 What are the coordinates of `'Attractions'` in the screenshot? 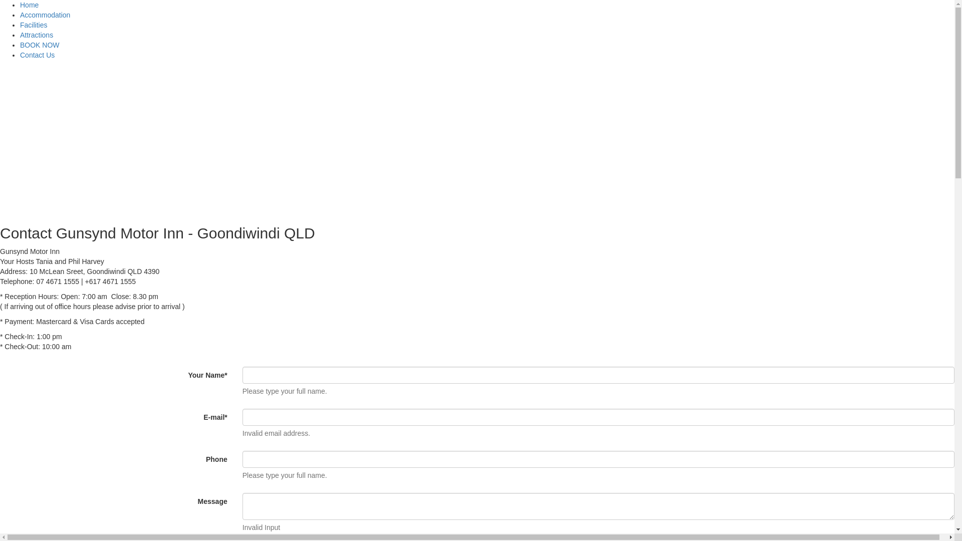 It's located at (36, 34).